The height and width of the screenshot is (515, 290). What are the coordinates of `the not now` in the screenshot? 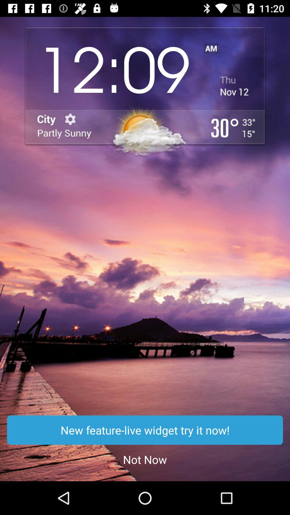 It's located at (145, 459).